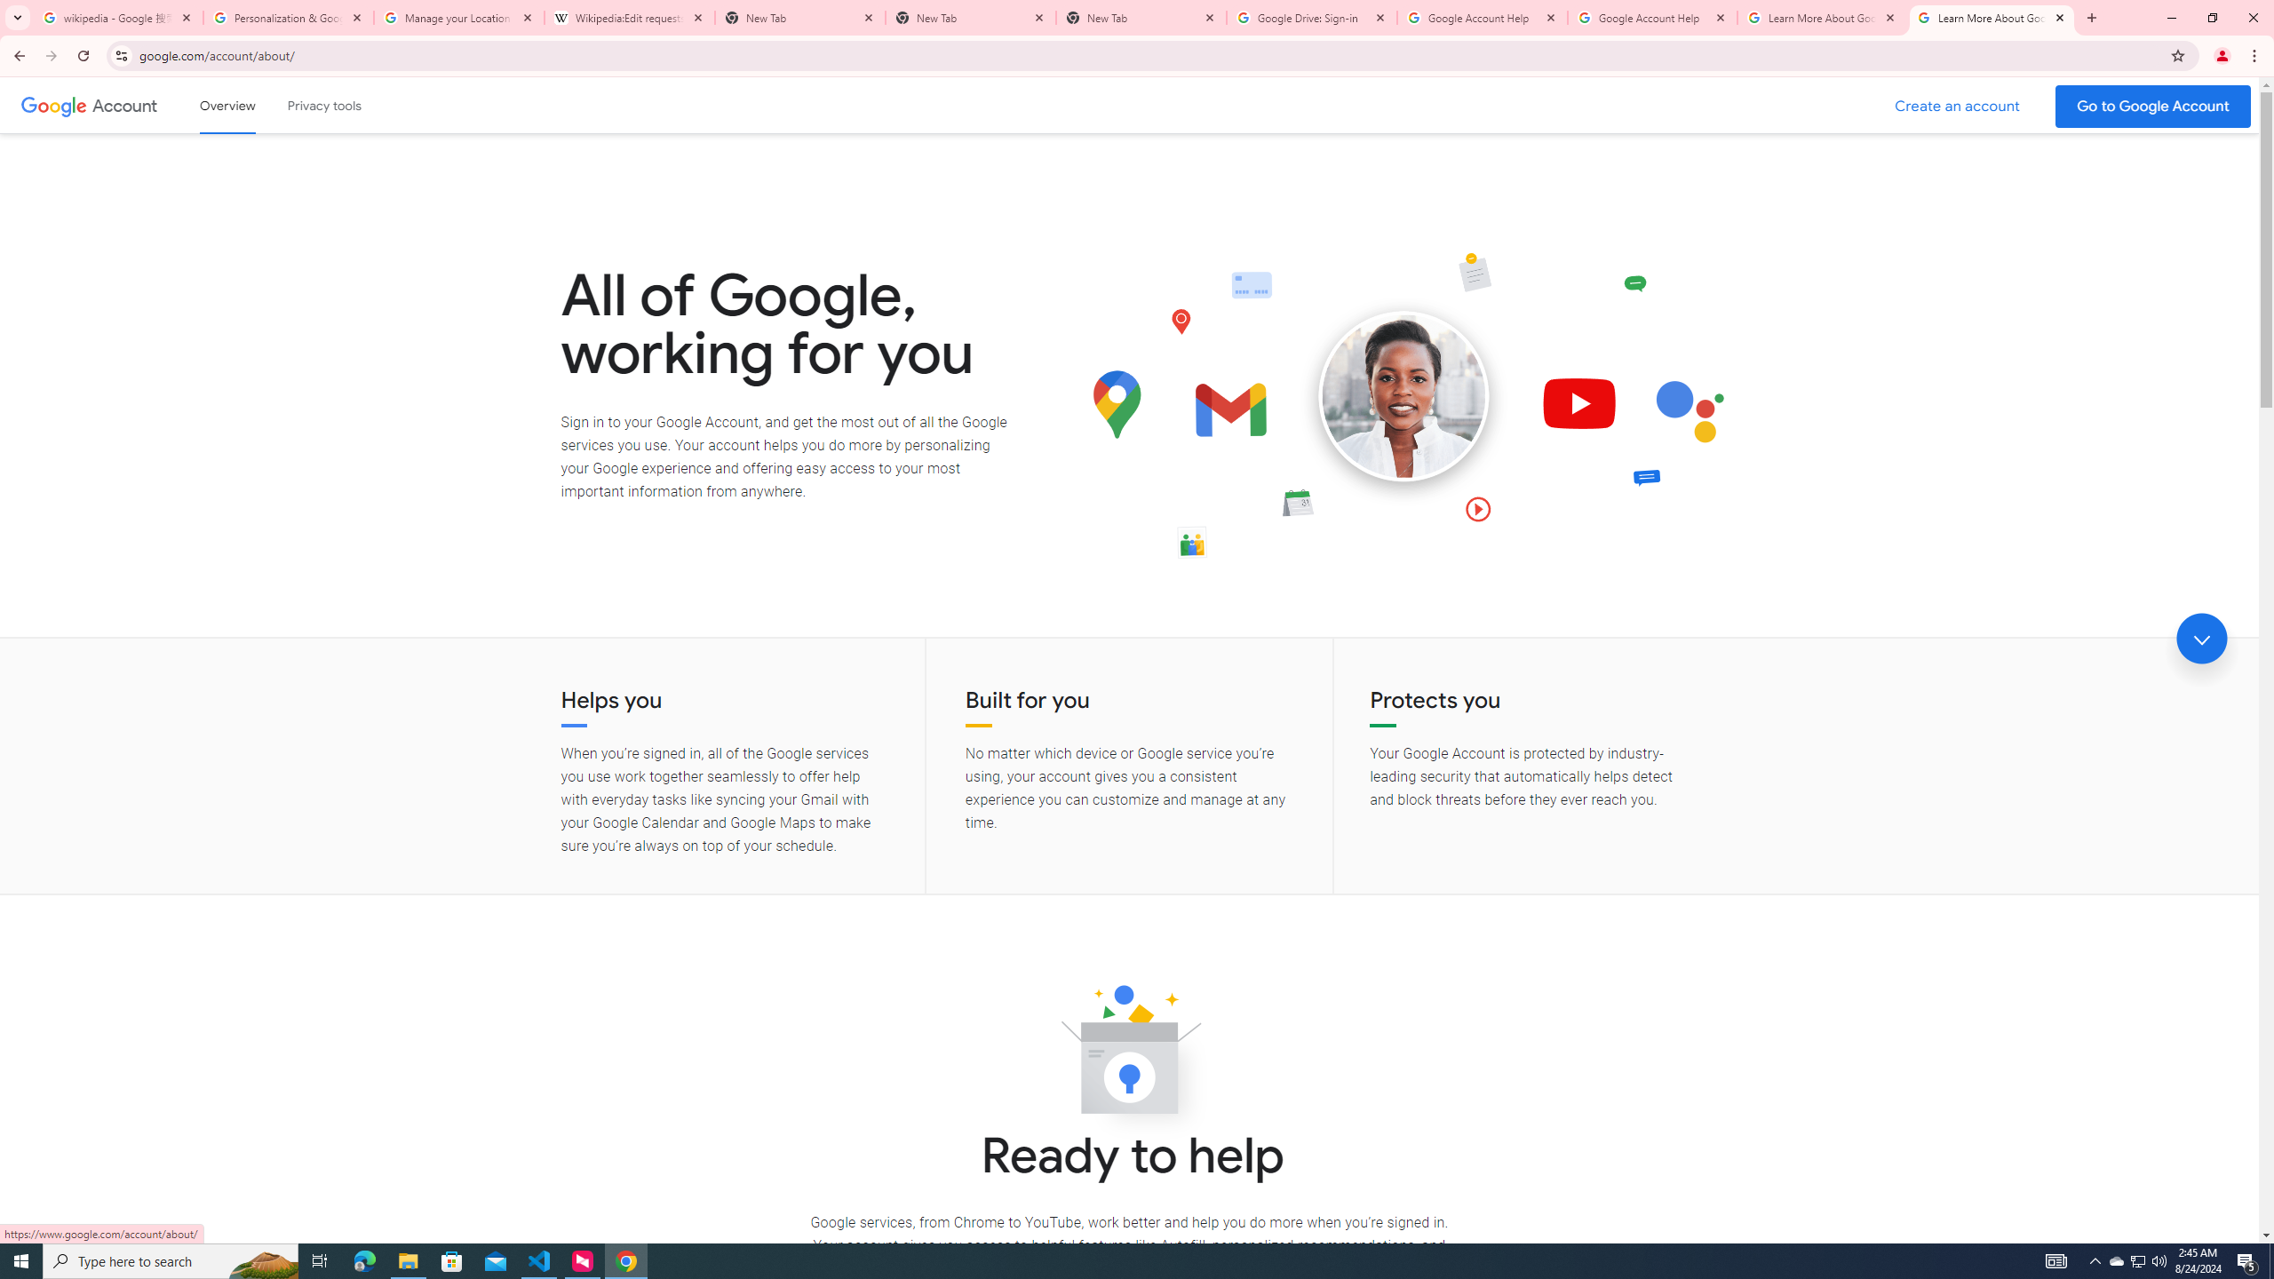 The height and width of the screenshot is (1279, 2274). Describe the element at coordinates (1311, 17) in the screenshot. I see `'Google Drive: Sign-in'` at that location.